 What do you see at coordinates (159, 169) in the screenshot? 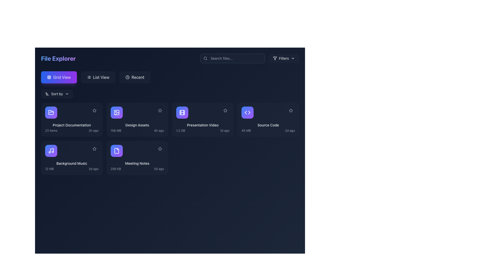
I see `the static text label displaying '5d ago' in light gray text, located in the lower-right corner of the 'Meeting Notes' card` at bounding box center [159, 169].